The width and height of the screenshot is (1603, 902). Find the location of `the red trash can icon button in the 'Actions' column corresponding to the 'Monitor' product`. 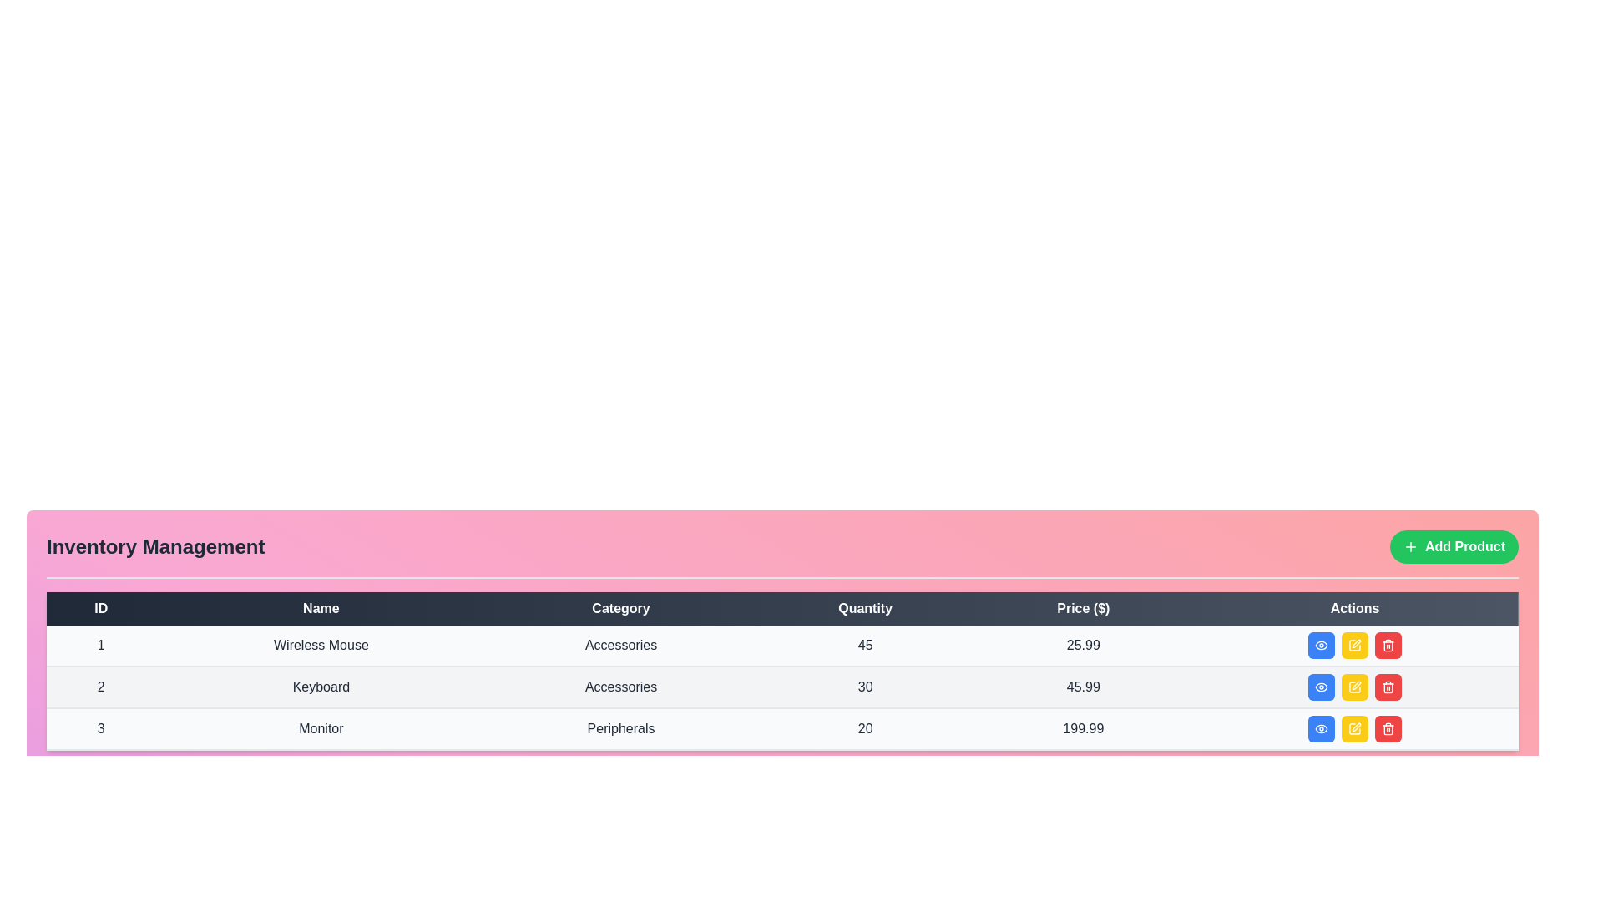

the red trash can icon button in the 'Actions' column corresponding to the 'Monitor' product is located at coordinates (1388, 644).